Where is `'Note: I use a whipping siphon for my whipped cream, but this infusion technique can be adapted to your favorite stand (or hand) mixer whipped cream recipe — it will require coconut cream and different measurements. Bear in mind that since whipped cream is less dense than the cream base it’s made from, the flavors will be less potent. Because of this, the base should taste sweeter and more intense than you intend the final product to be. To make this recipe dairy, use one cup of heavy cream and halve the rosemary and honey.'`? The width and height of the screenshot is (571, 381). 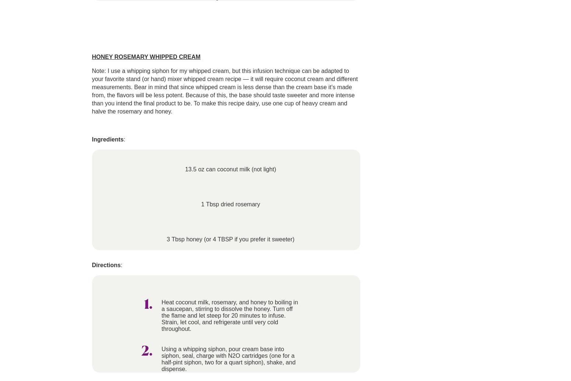
'Note: I use a whipping siphon for my whipped cream, but this infusion technique can be adapted to your favorite stand (or hand) mixer whipped cream recipe — it will require coconut cream and different measurements. Bear in mind that since whipped cream is less dense than the cream base it’s made from, the flavors will be less potent. Because of this, the base should taste sweeter and more intense than you intend the final product to be. To make this recipe dairy, use one cup of heavy cream and halve the rosemary and honey.' is located at coordinates (224, 91).